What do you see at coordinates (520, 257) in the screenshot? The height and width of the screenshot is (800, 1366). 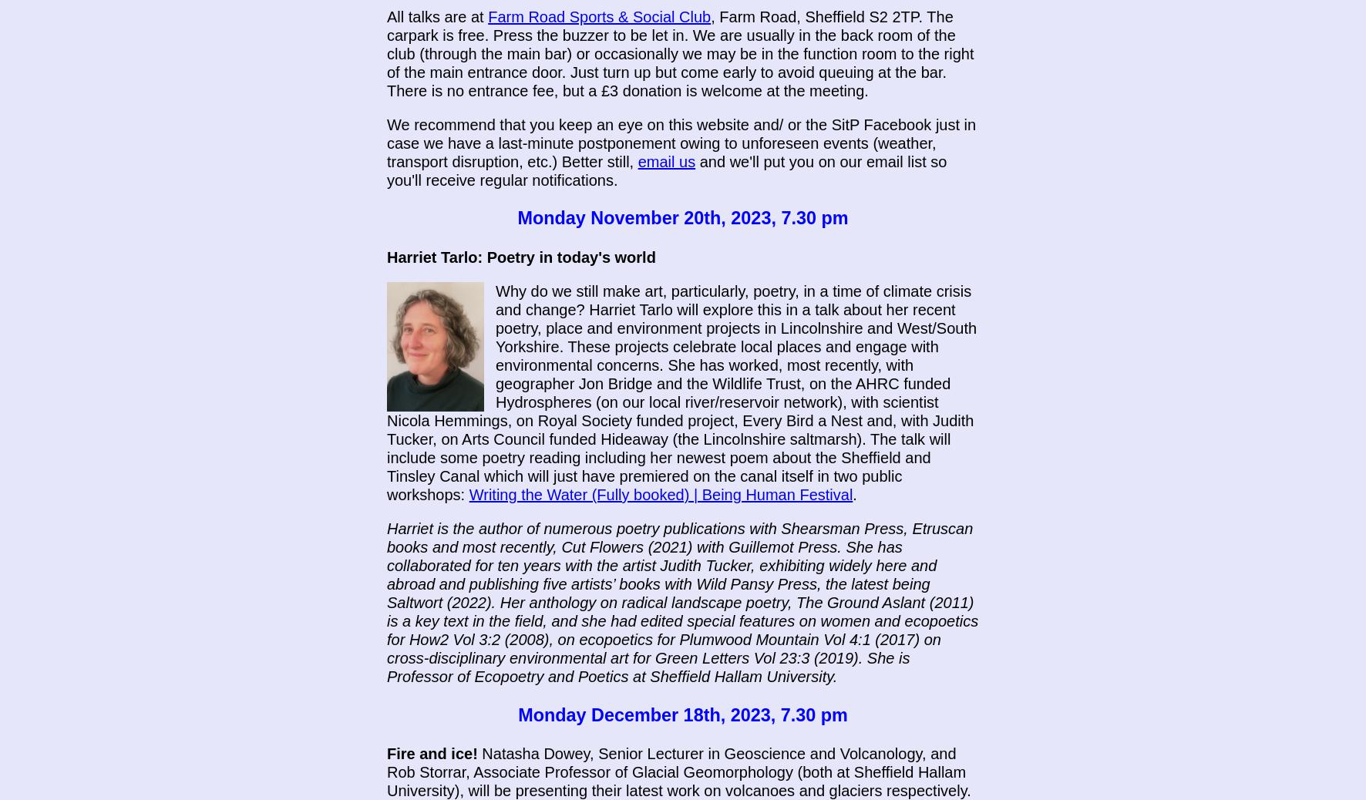 I see `'Harriet Tarlo: Poetry in today's world'` at bounding box center [520, 257].